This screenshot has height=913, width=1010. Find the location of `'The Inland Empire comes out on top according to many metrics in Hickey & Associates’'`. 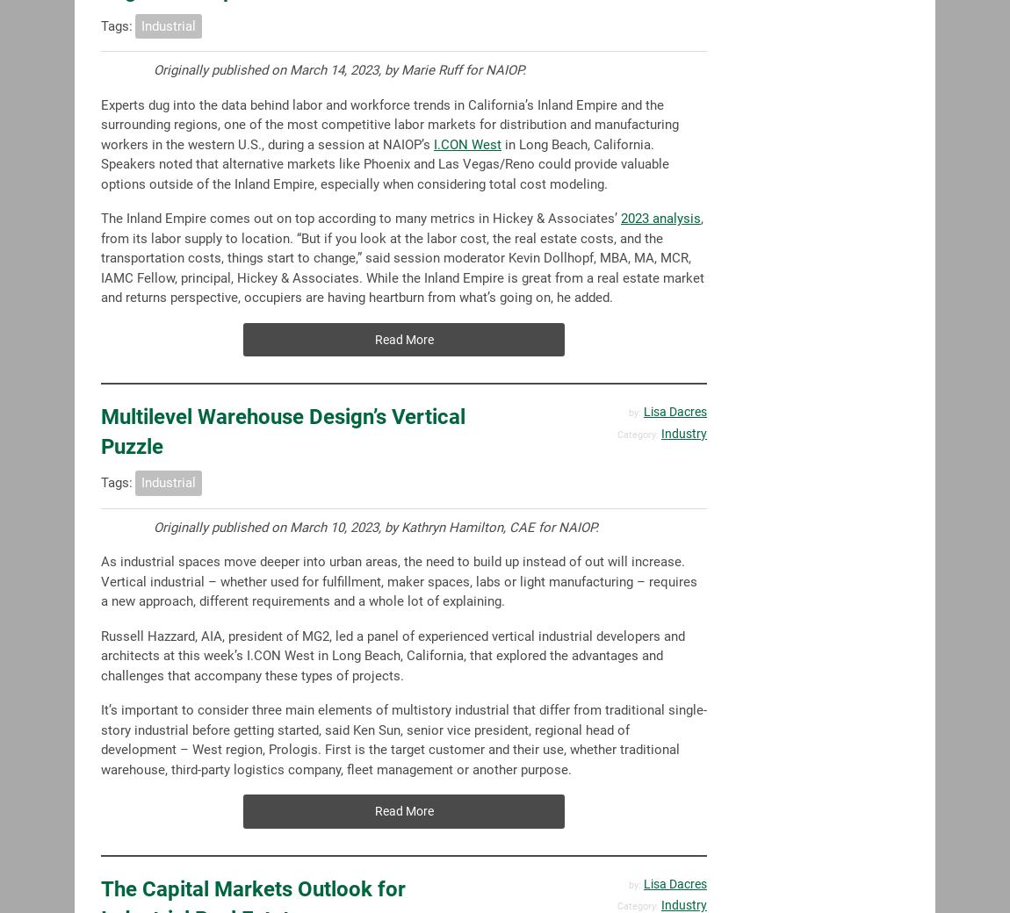

'The Inland Empire comes out on top according to many metrics in Hickey & Associates’' is located at coordinates (361, 218).